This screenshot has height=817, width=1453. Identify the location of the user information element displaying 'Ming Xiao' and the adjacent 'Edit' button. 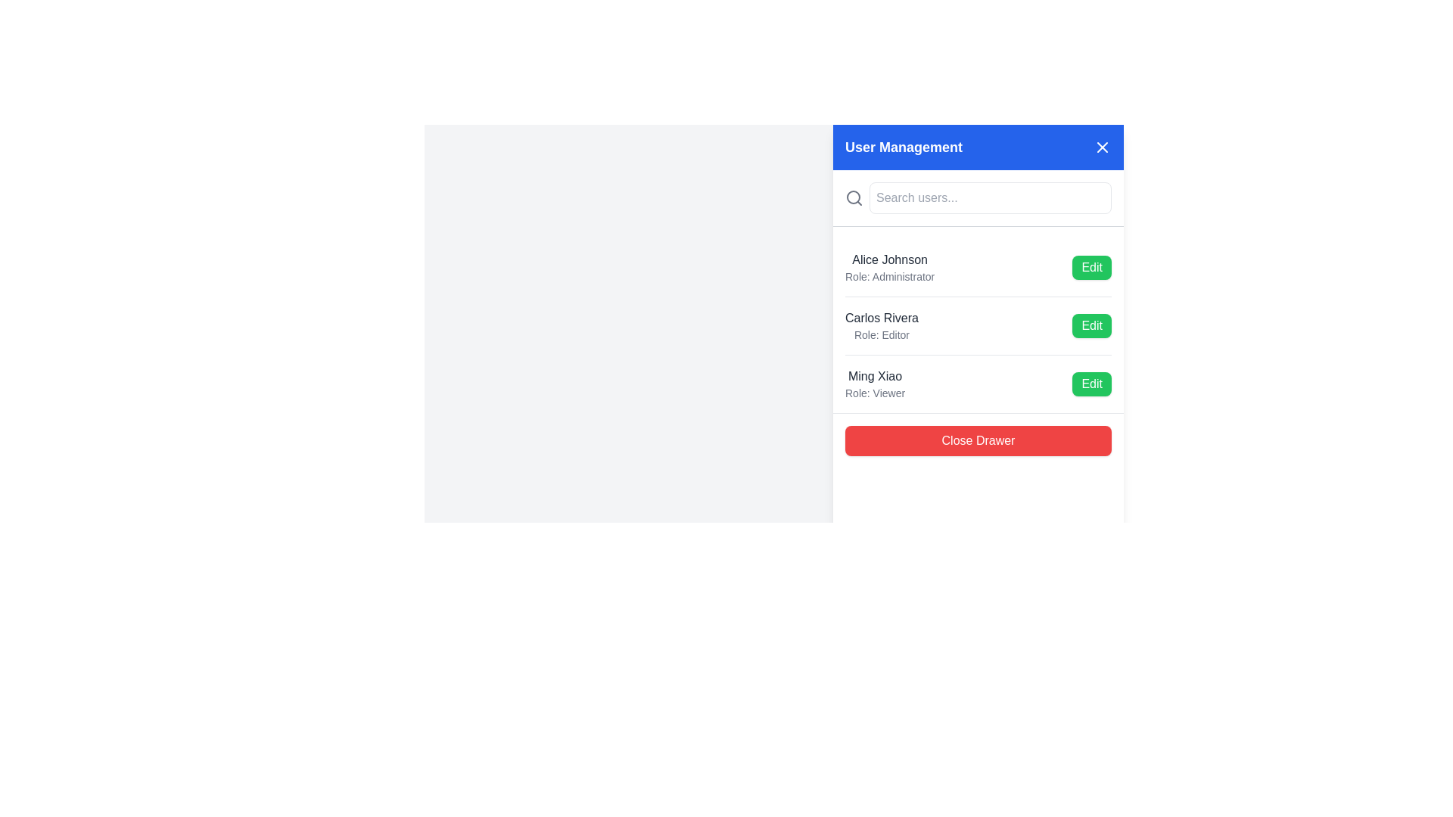
(978, 376).